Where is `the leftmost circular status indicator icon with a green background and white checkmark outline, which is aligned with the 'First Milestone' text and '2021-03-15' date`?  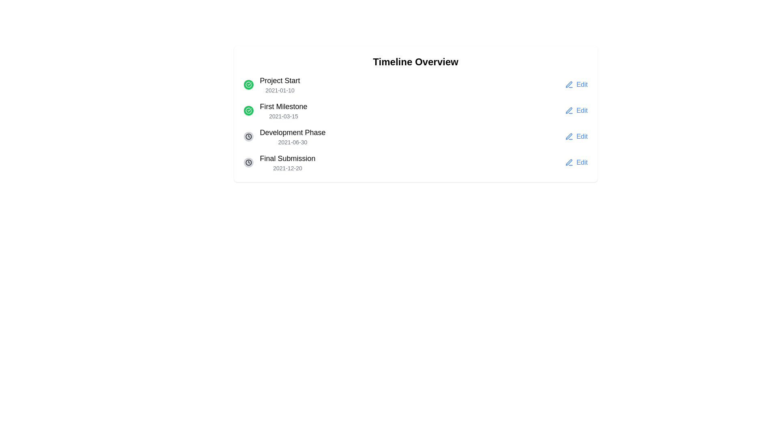 the leftmost circular status indicator icon with a green background and white checkmark outline, which is aligned with the 'First Milestone' text and '2021-03-15' date is located at coordinates (248, 111).